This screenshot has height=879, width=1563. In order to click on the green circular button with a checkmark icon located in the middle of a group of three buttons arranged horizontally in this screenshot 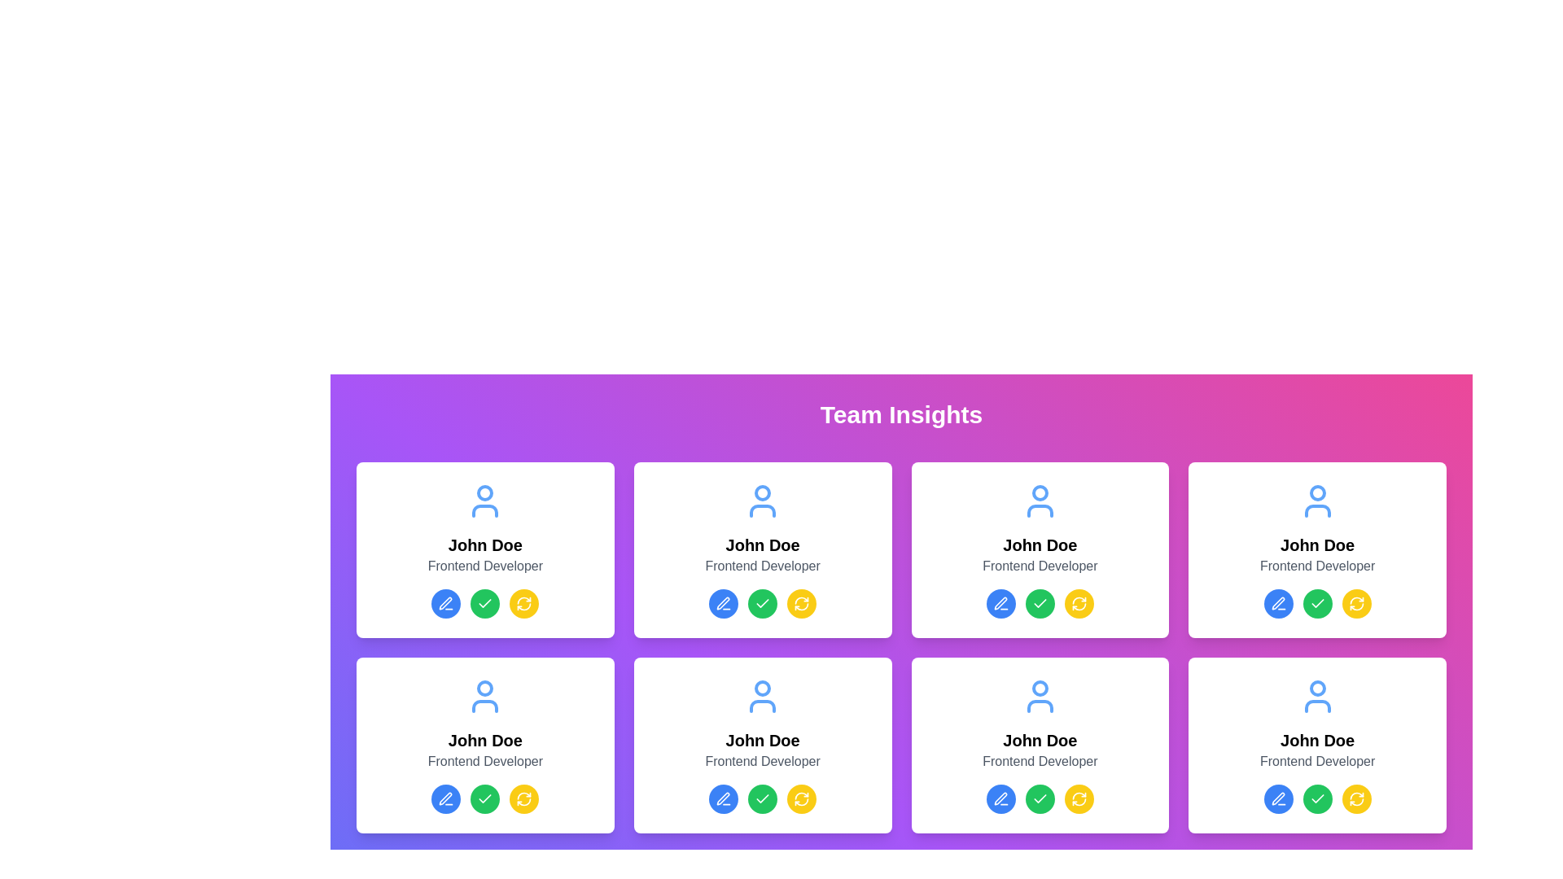, I will do `click(484, 603)`.